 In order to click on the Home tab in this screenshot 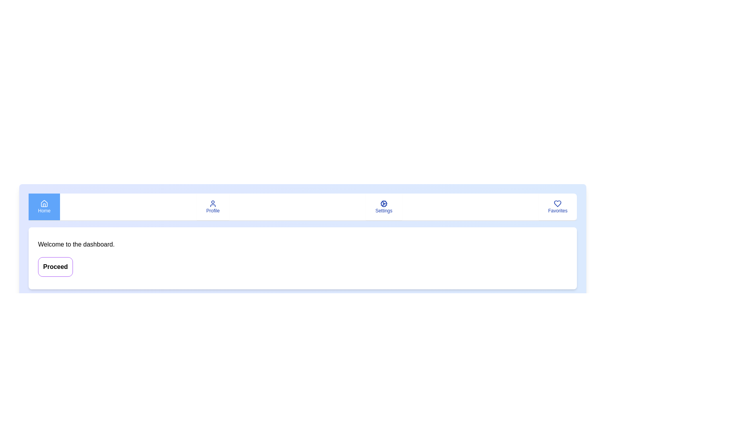, I will do `click(44, 207)`.